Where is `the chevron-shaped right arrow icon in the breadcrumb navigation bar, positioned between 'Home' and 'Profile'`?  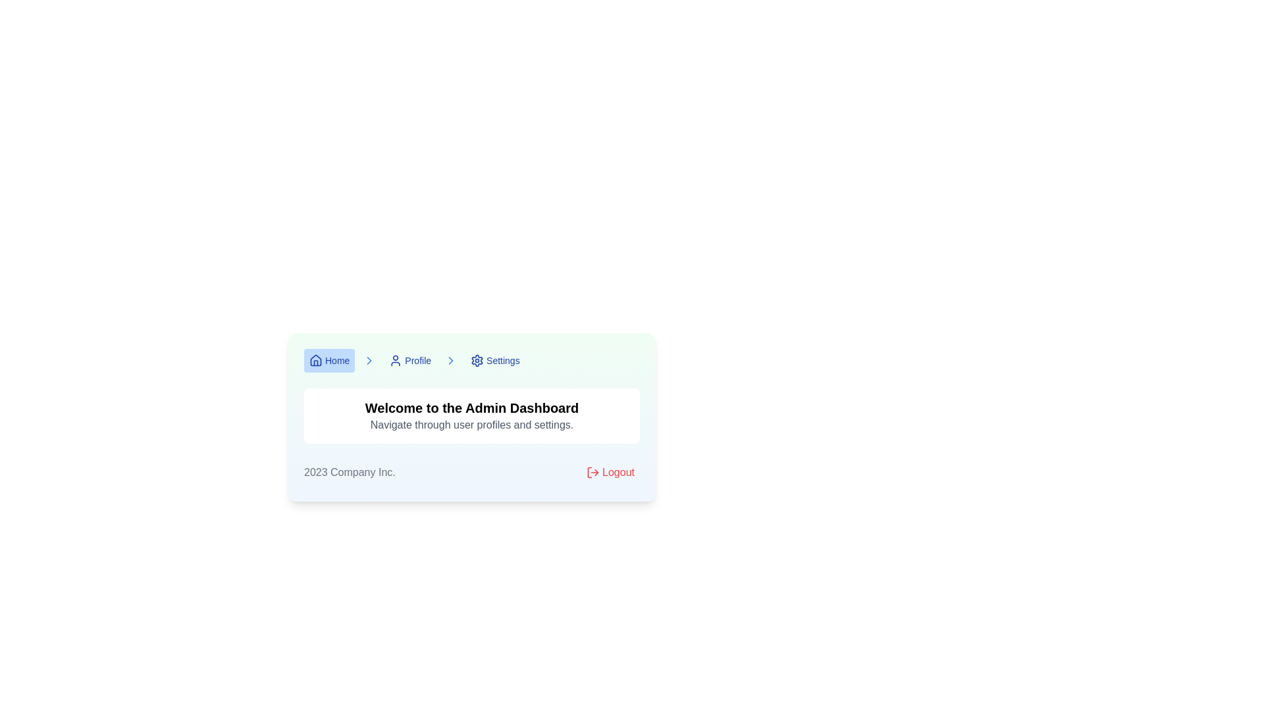
the chevron-shaped right arrow icon in the breadcrumb navigation bar, positioned between 'Home' and 'Profile' is located at coordinates (451, 360).